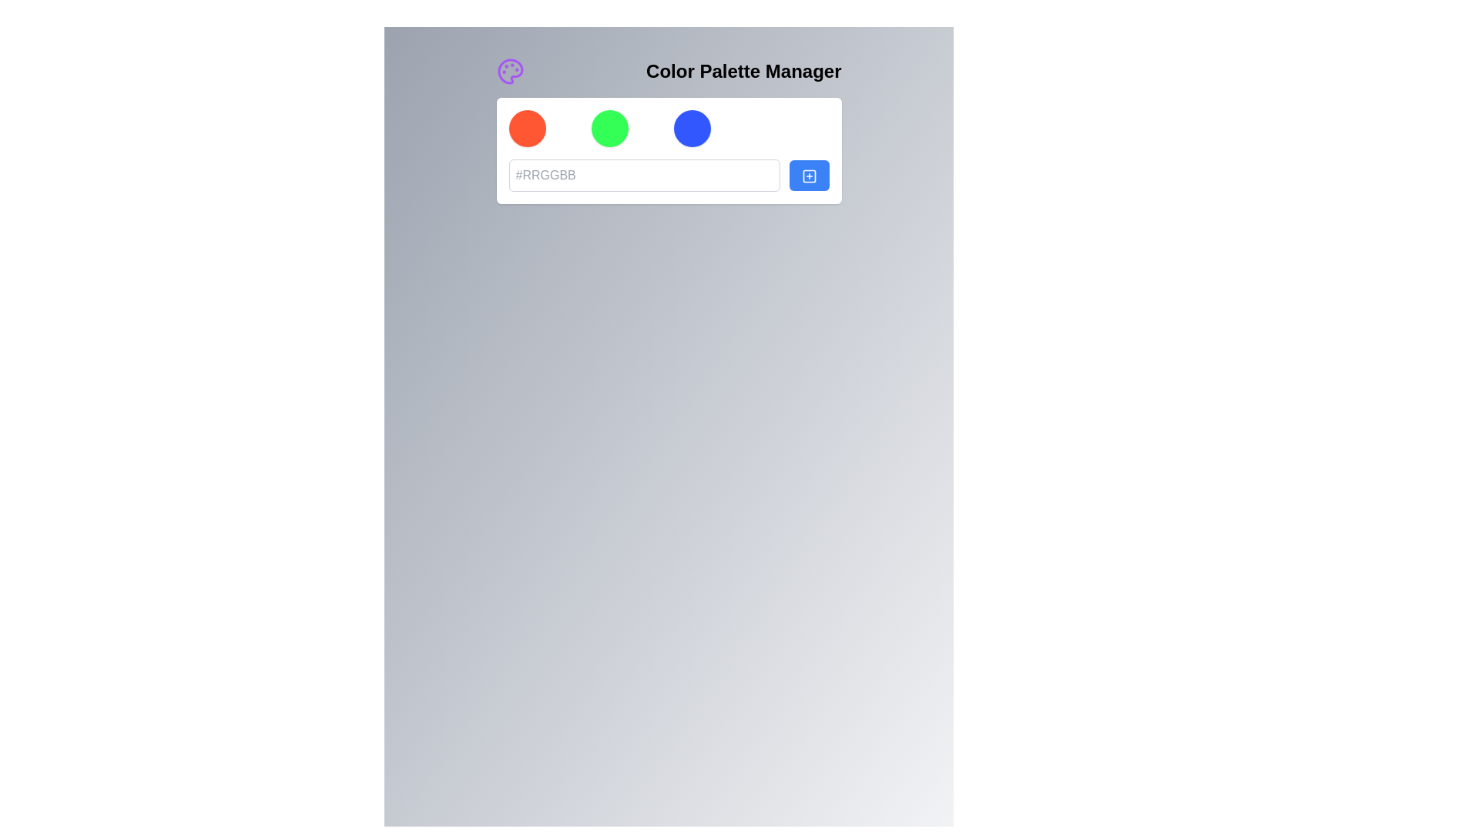 The width and height of the screenshot is (1479, 832). Describe the element at coordinates (527, 127) in the screenshot. I see `the vibrant orange circular color indicator or selector, which is located at the far left within a group of four circular items` at that location.